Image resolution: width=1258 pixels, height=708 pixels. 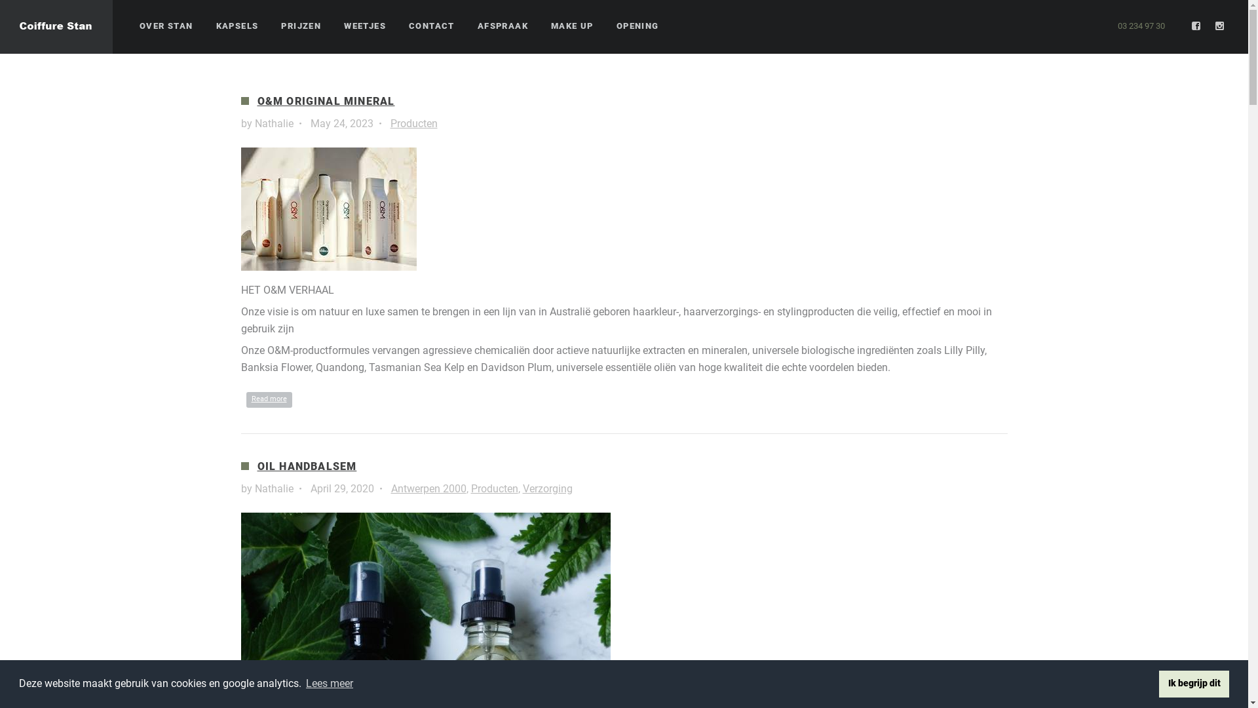 What do you see at coordinates (572, 26) in the screenshot?
I see `'MAKE UP'` at bounding box center [572, 26].